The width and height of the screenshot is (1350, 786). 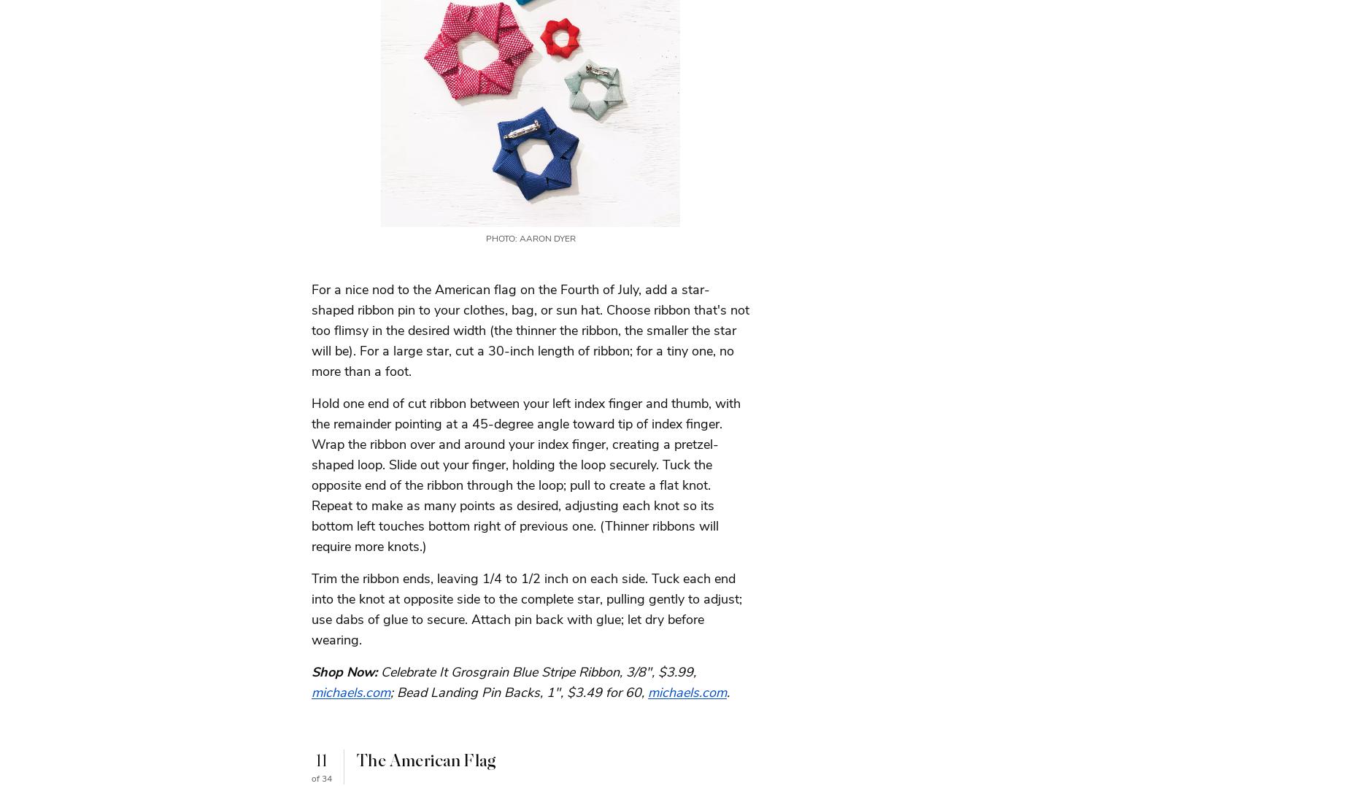 What do you see at coordinates (538, 670) in the screenshot?
I see `'Celebrate It Grosgrain Blue Stripe Ribbon, 3/8", $3.99,'` at bounding box center [538, 670].